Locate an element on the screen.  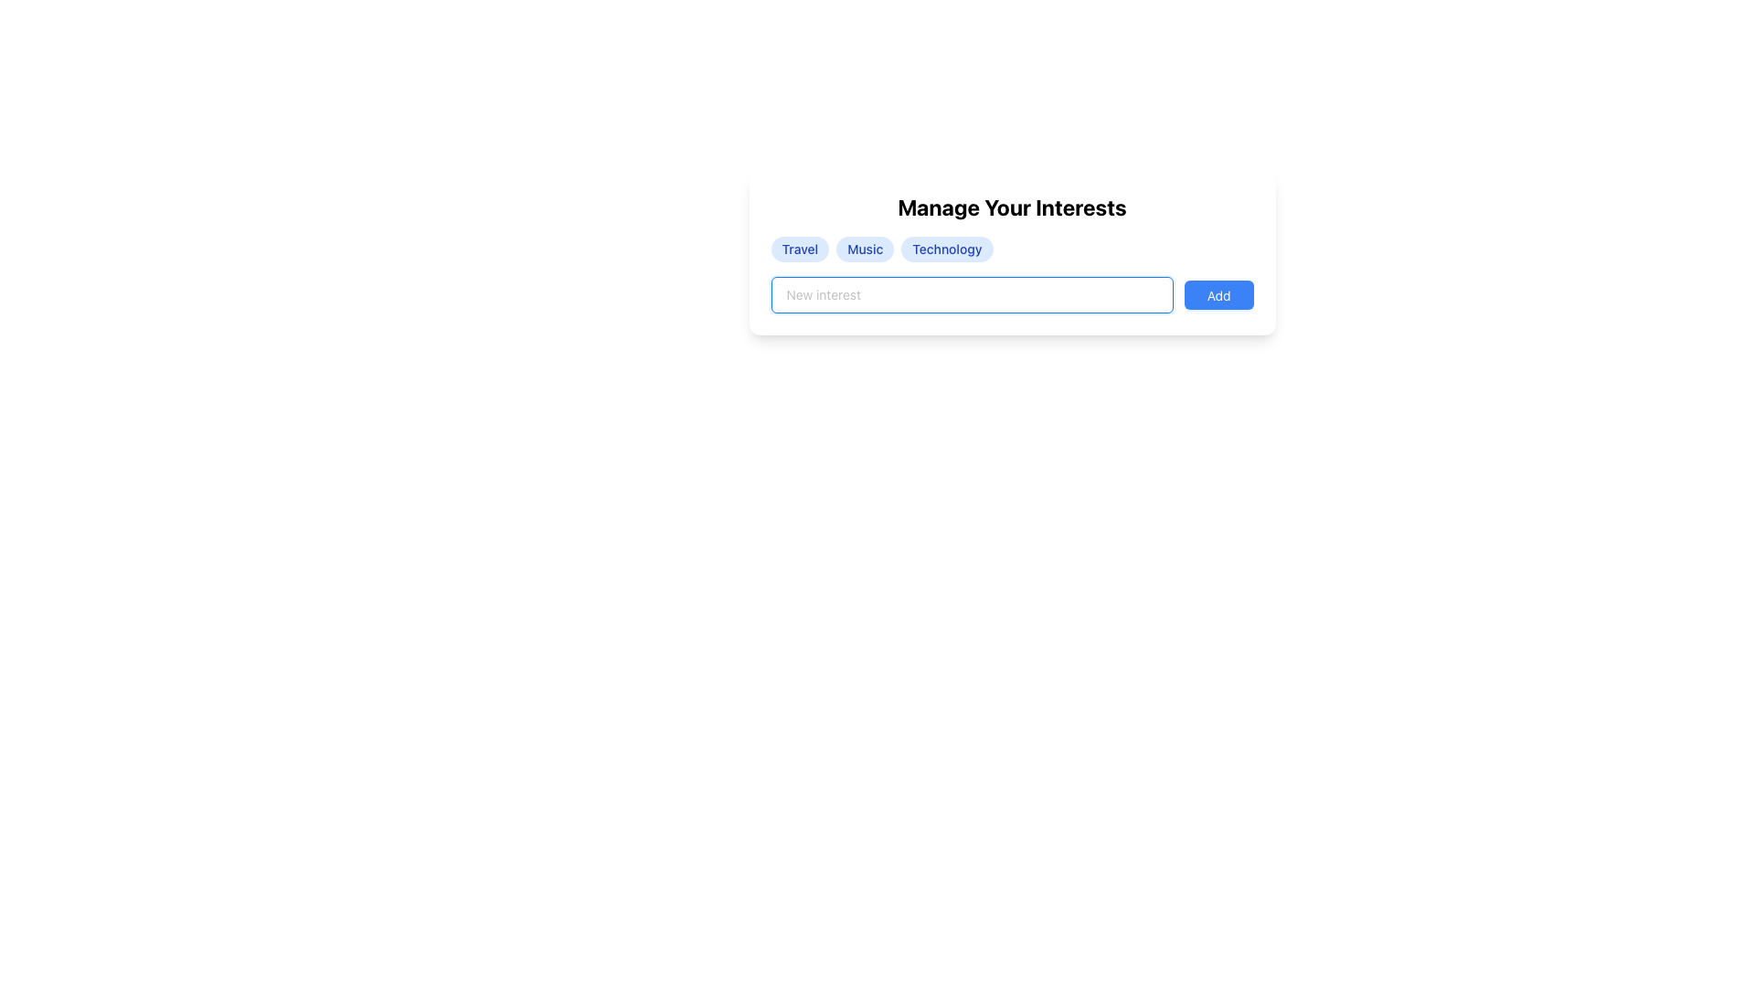
the 'Travel' selectable tag, which is a rounded rectangle with a blue border and background is located at coordinates (800, 249).